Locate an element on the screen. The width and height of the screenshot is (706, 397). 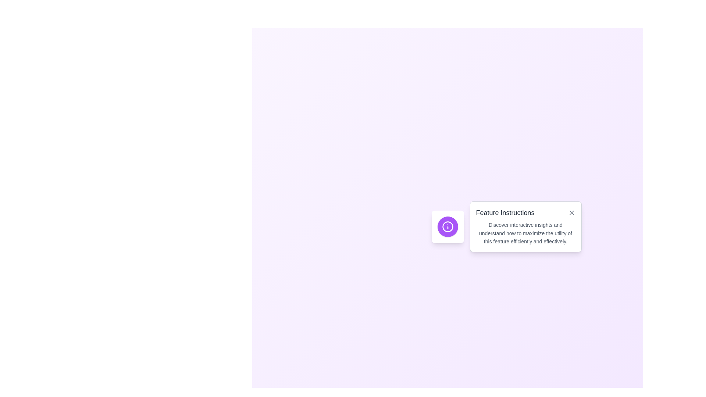
the purple circular button with a white info icon at its center, located at the center-left of the instructional tooltip box is located at coordinates (447, 226).